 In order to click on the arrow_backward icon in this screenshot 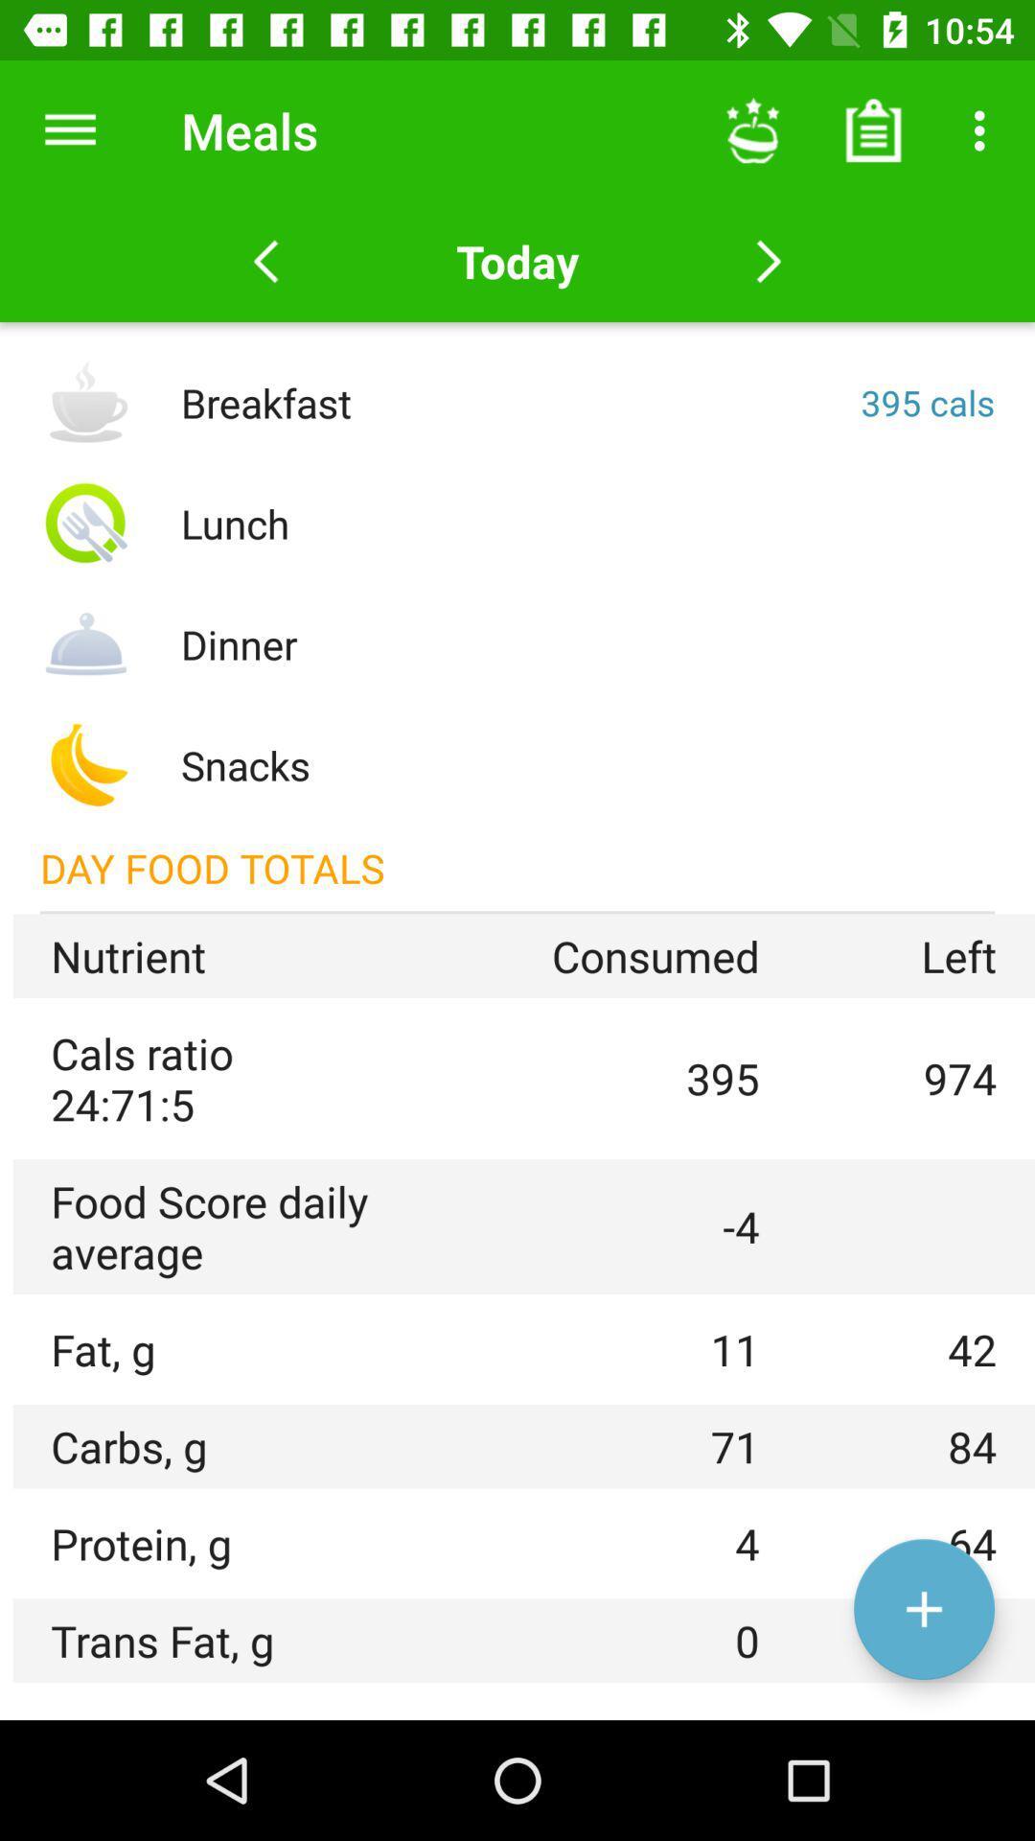, I will do `click(265, 261)`.